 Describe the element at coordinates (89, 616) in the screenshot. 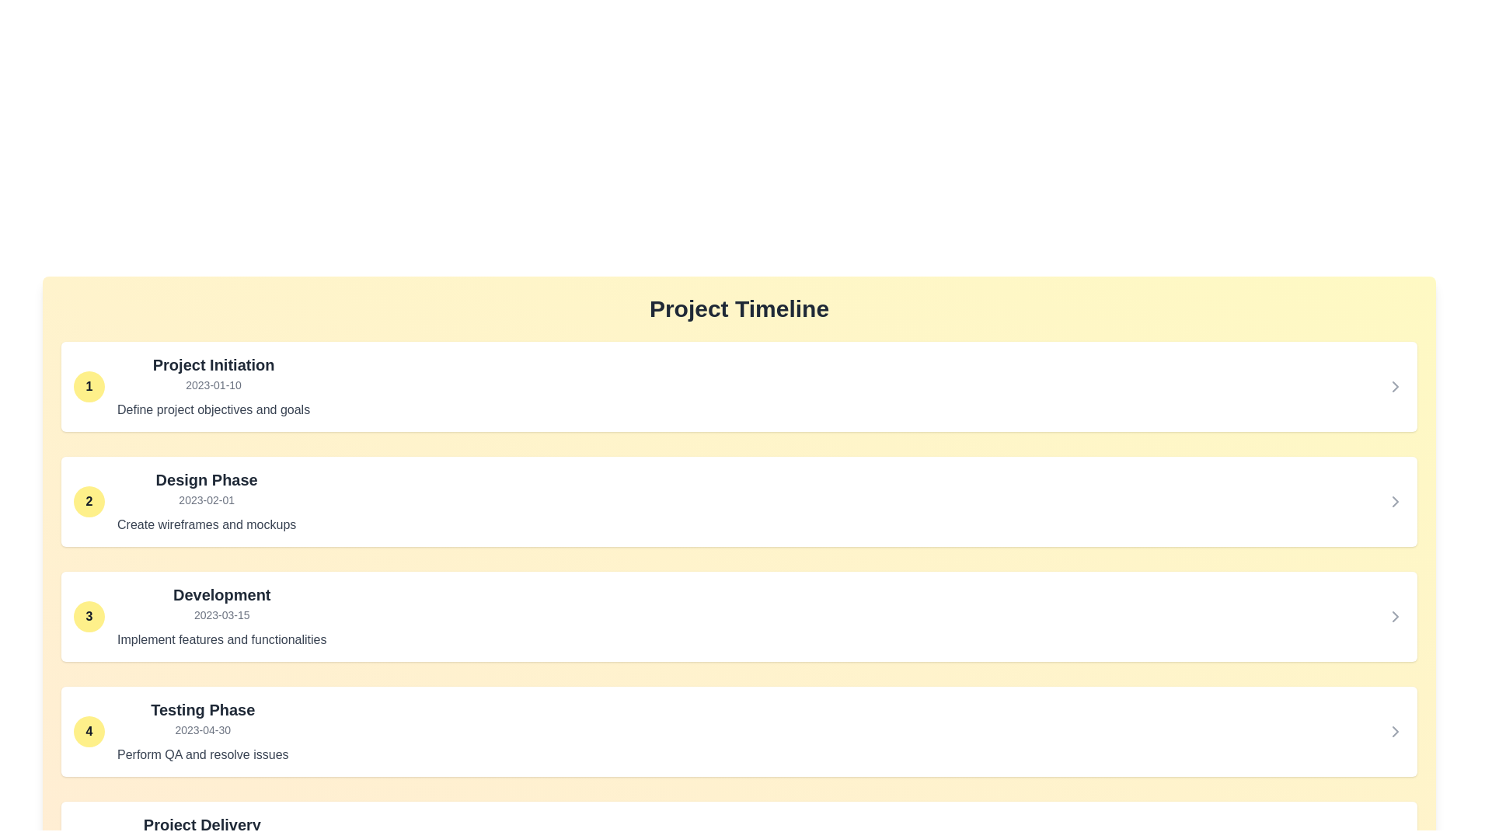

I see `the circular badge with a yellow background displaying the numeral '3' in dark gray text, located to the left of the text 'Development'` at that location.